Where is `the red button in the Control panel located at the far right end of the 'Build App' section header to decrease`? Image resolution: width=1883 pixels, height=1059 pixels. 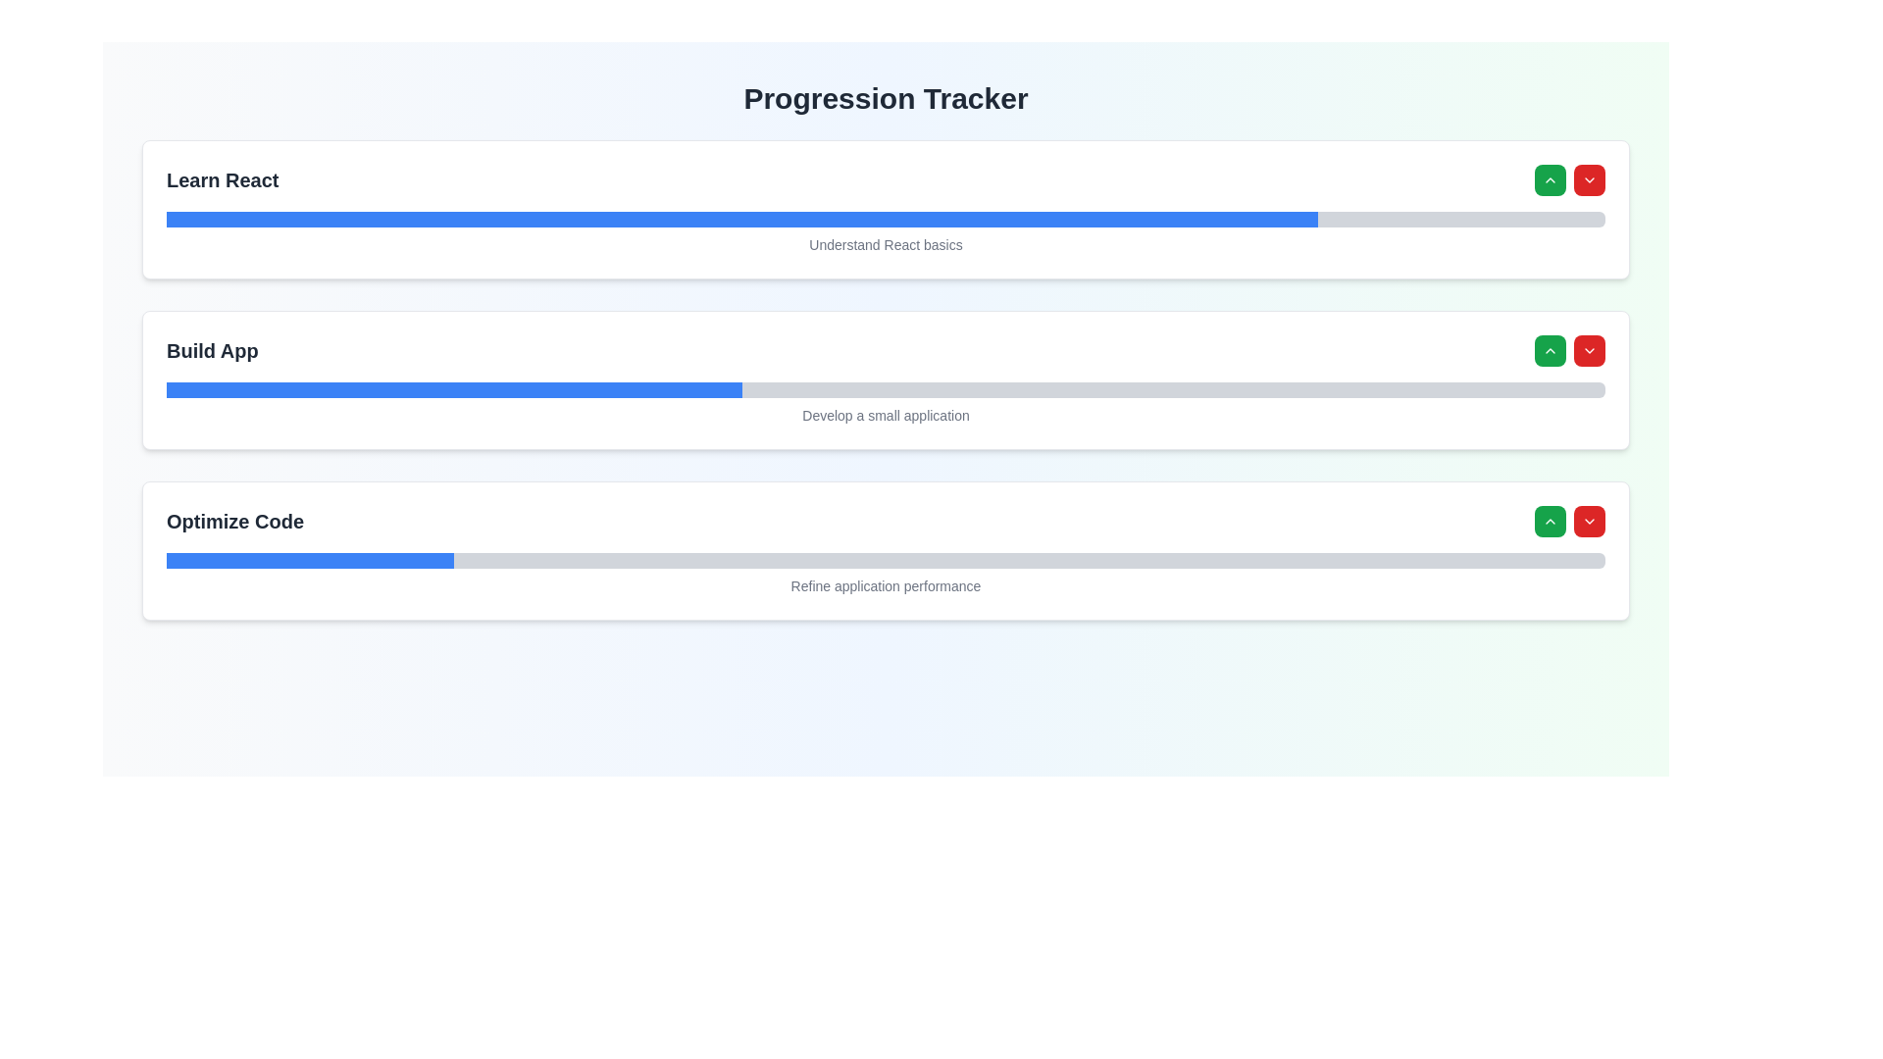
the red button in the Control panel located at the far right end of the 'Build App' section header to decrease is located at coordinates (1570, 350).